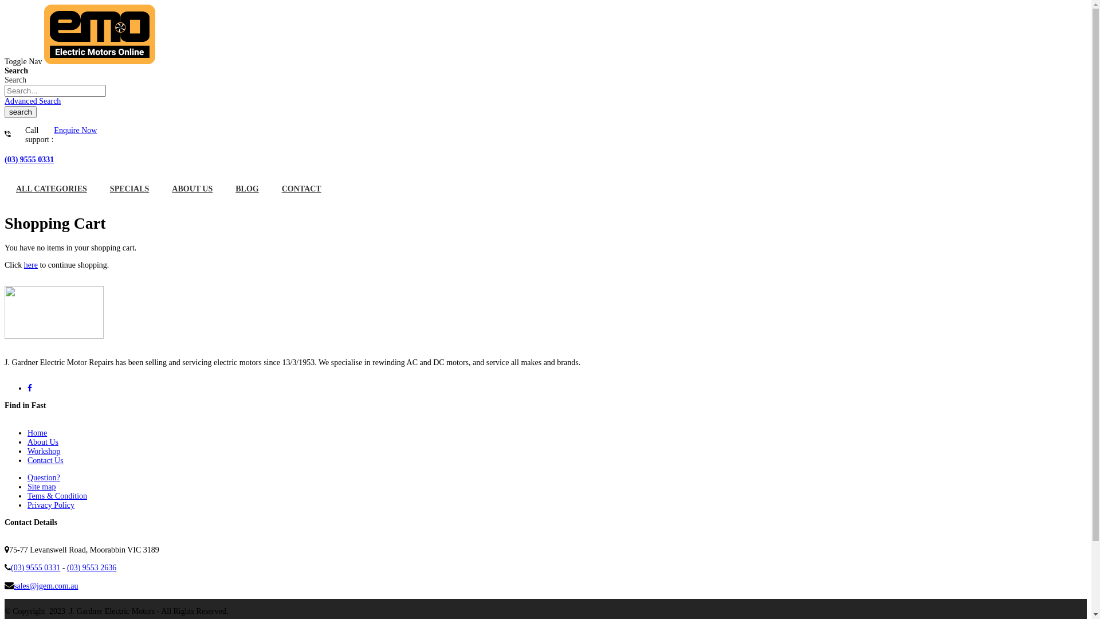 The image size is (1100, 619). I want to click on 'Advanced Search', so click(33, 100).